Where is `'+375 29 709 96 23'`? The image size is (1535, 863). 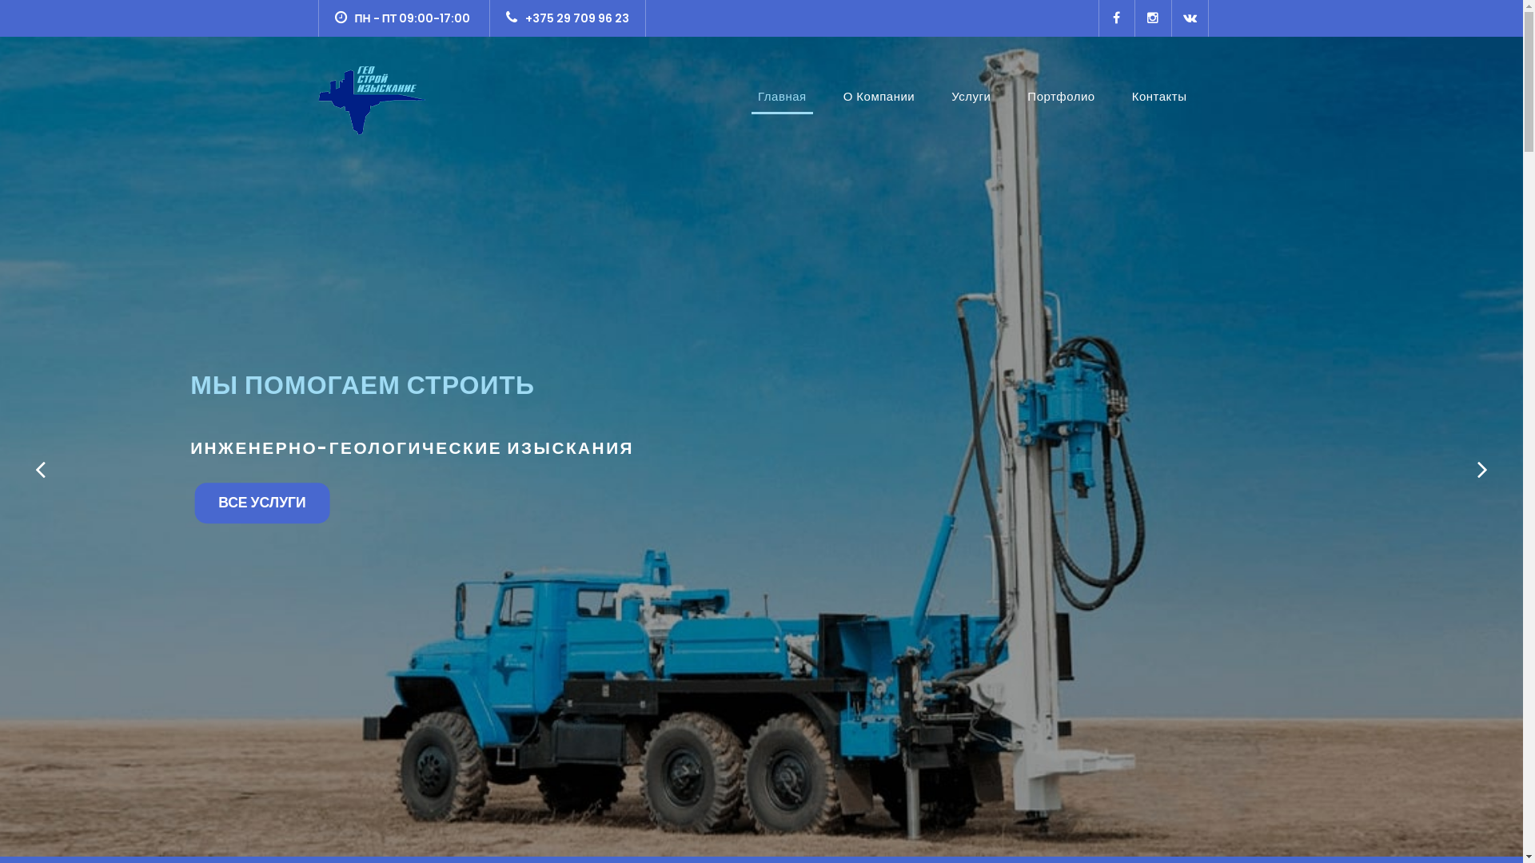 '+375 29 709 96 23' is located at coordinates (568, 18).